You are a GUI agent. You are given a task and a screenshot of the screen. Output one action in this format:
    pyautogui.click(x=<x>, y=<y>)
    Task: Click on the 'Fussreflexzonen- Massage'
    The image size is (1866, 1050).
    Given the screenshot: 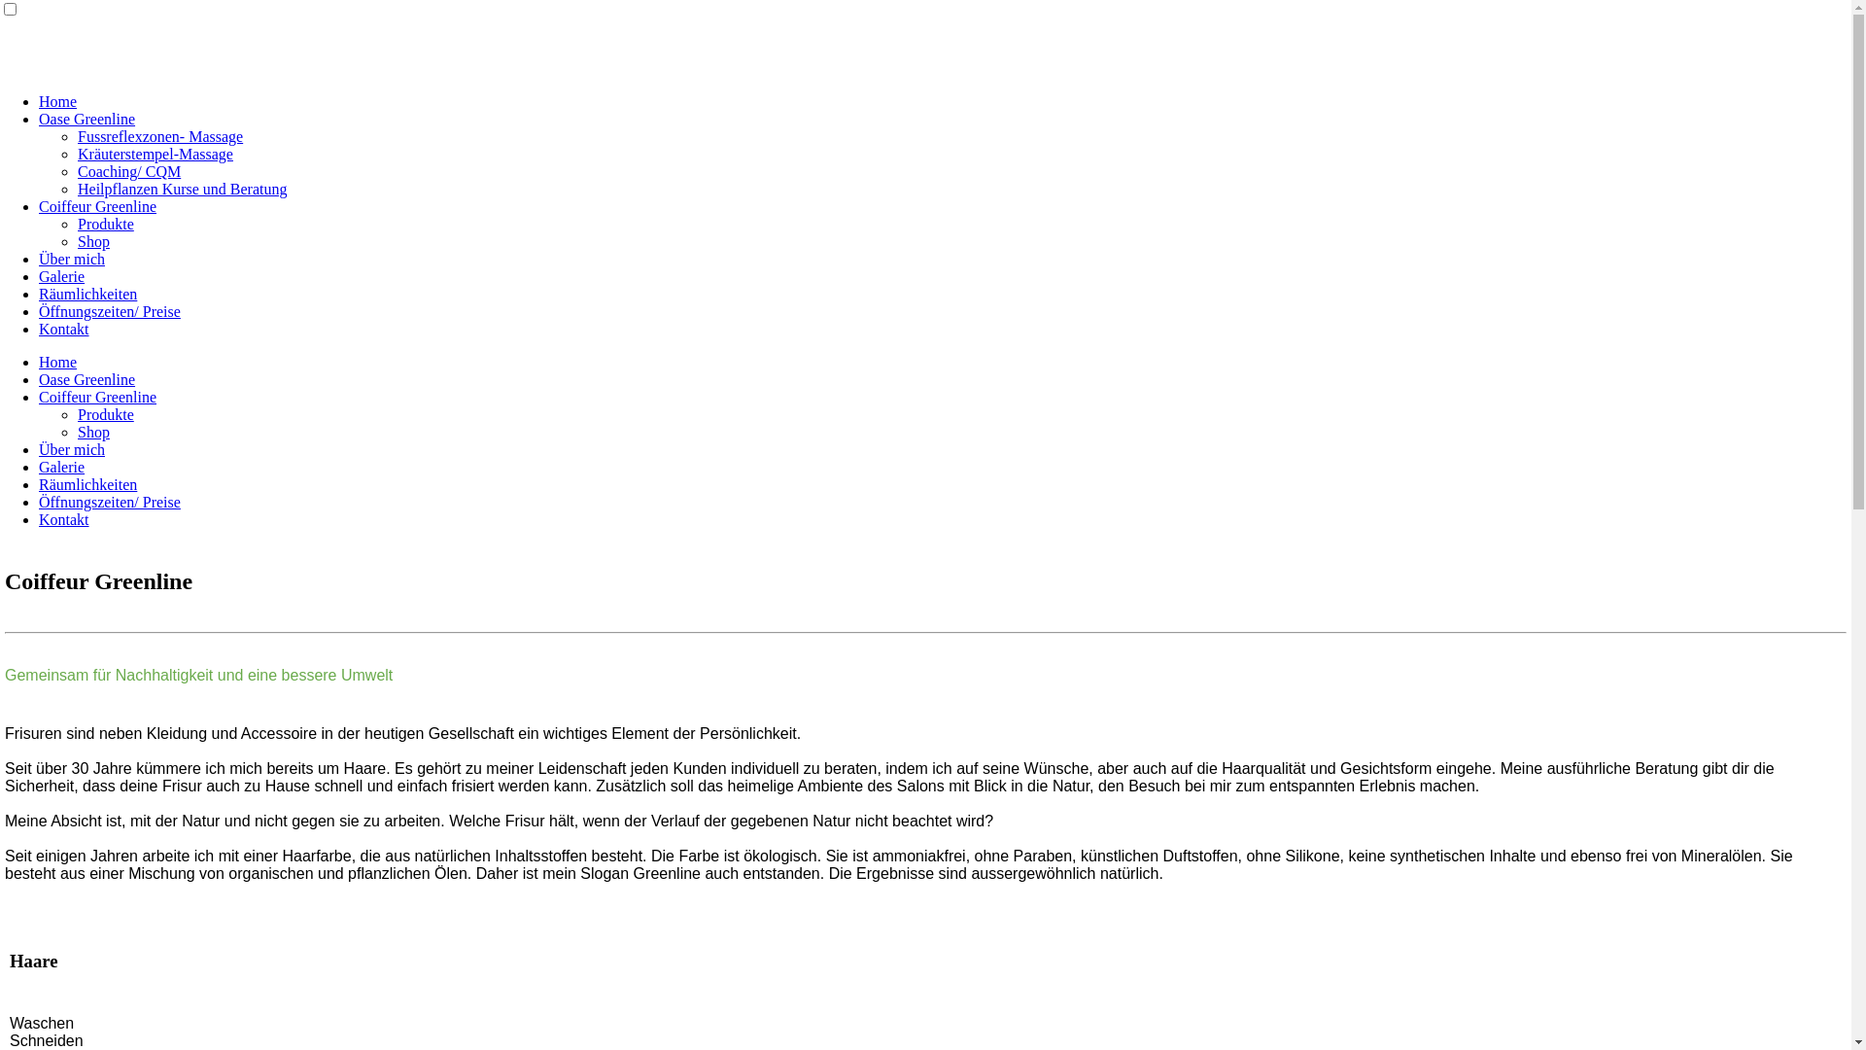 What is the action you would take?
    pyautogui.click(x=78, y=135)
    